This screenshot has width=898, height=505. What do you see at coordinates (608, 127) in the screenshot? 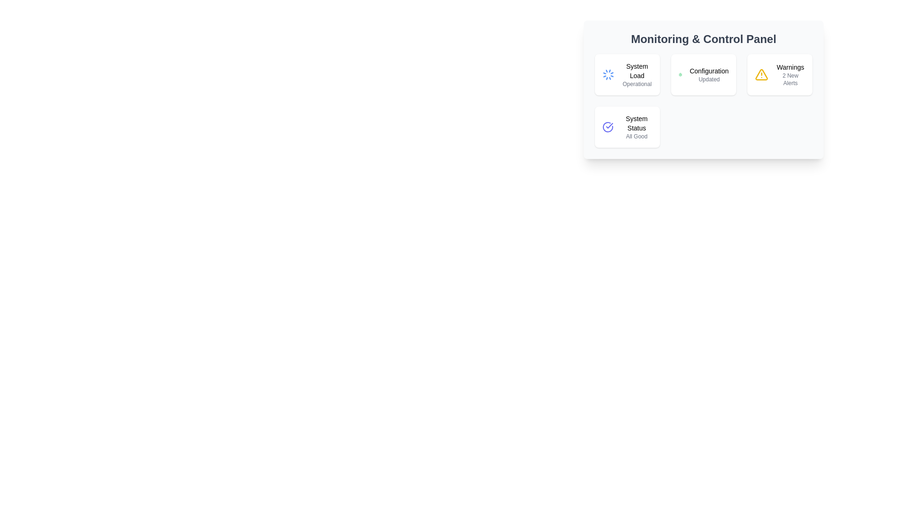
I see `the circular graphical icon with a checkmark in the center, located in the 'Monitoring & Control Panel' under the 'System Status' label` at bounding box center [608, 127].